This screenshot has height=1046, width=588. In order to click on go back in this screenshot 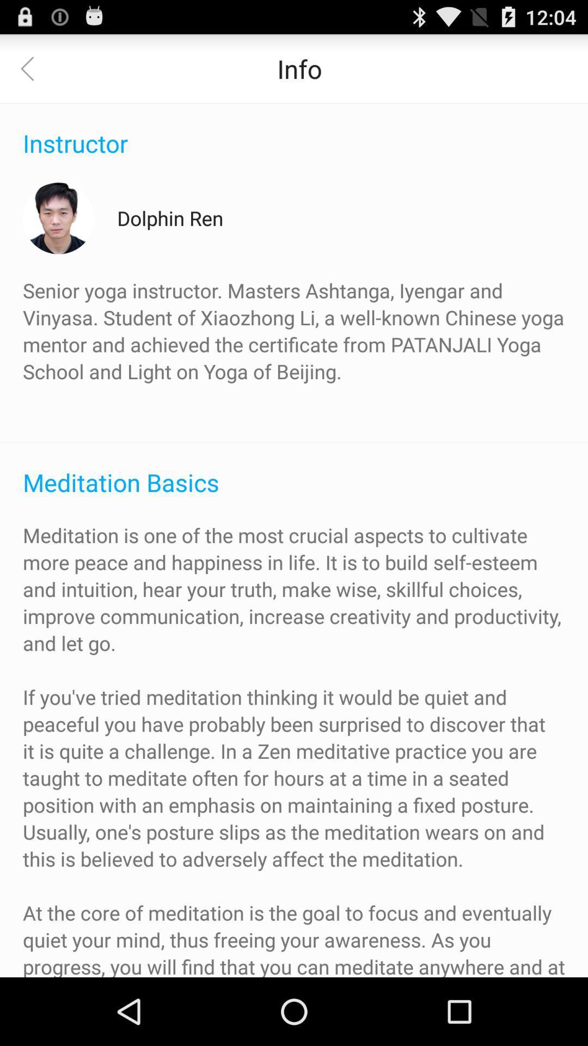, I will do `click(33, 68)`.